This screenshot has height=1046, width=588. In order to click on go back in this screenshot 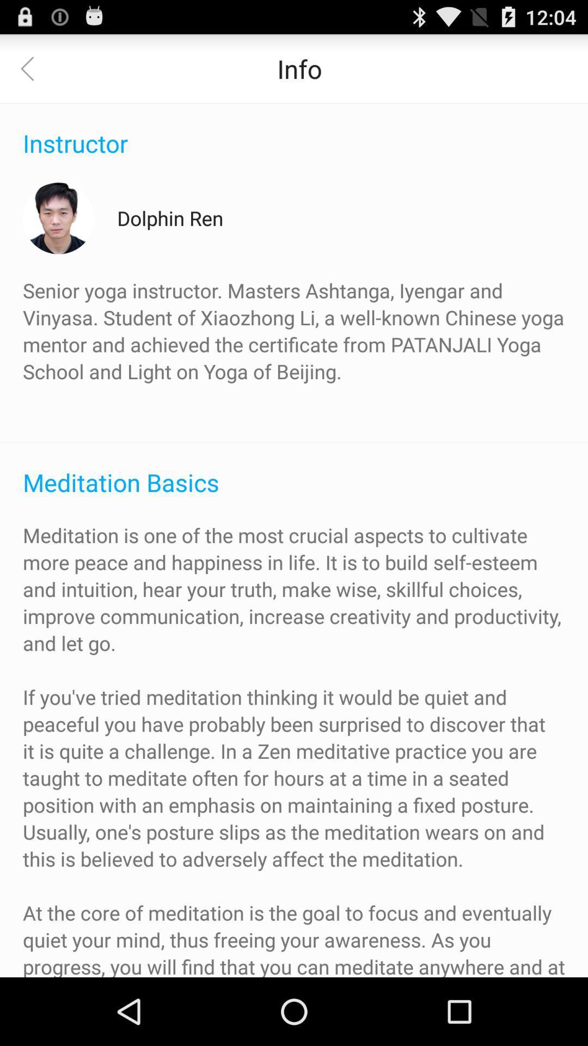, I will do `click(33, 68)`.